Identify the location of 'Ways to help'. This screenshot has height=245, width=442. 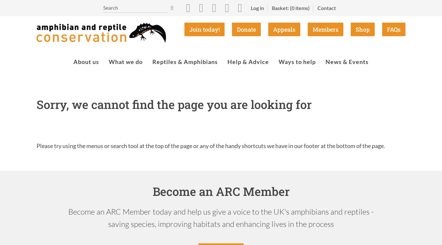
(297, 62).